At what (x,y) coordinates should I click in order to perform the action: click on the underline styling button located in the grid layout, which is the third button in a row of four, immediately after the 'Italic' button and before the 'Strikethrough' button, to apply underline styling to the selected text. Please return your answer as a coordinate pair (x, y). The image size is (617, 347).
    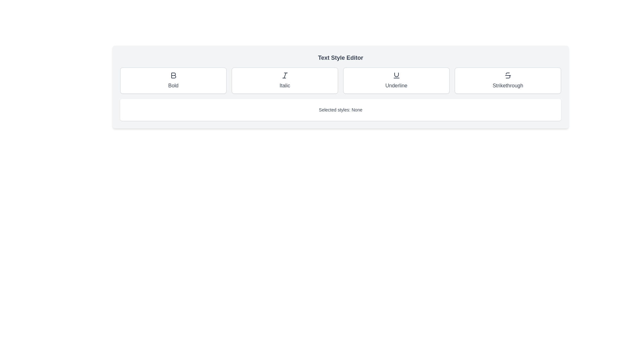
    Looking at the image, I should click on (396, 80).